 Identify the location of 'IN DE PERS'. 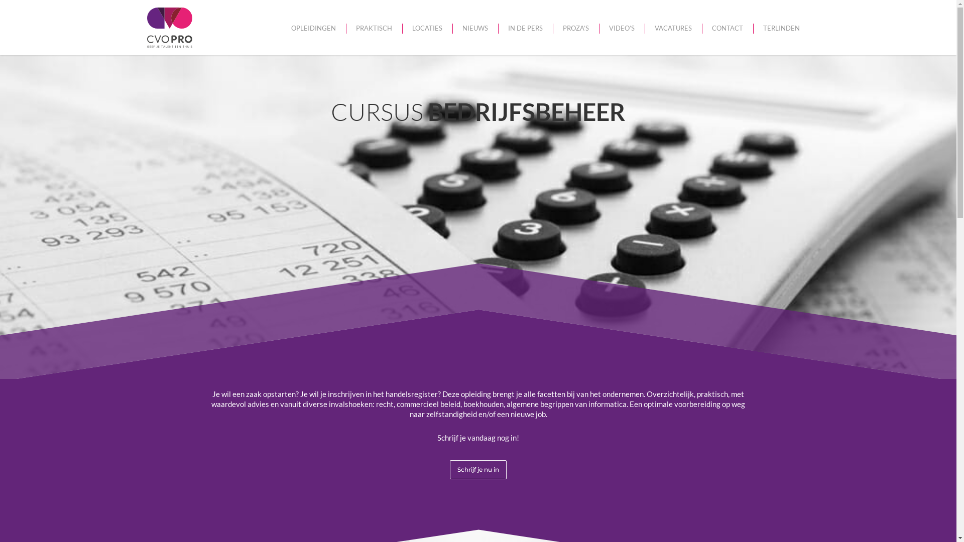
(525, 27).